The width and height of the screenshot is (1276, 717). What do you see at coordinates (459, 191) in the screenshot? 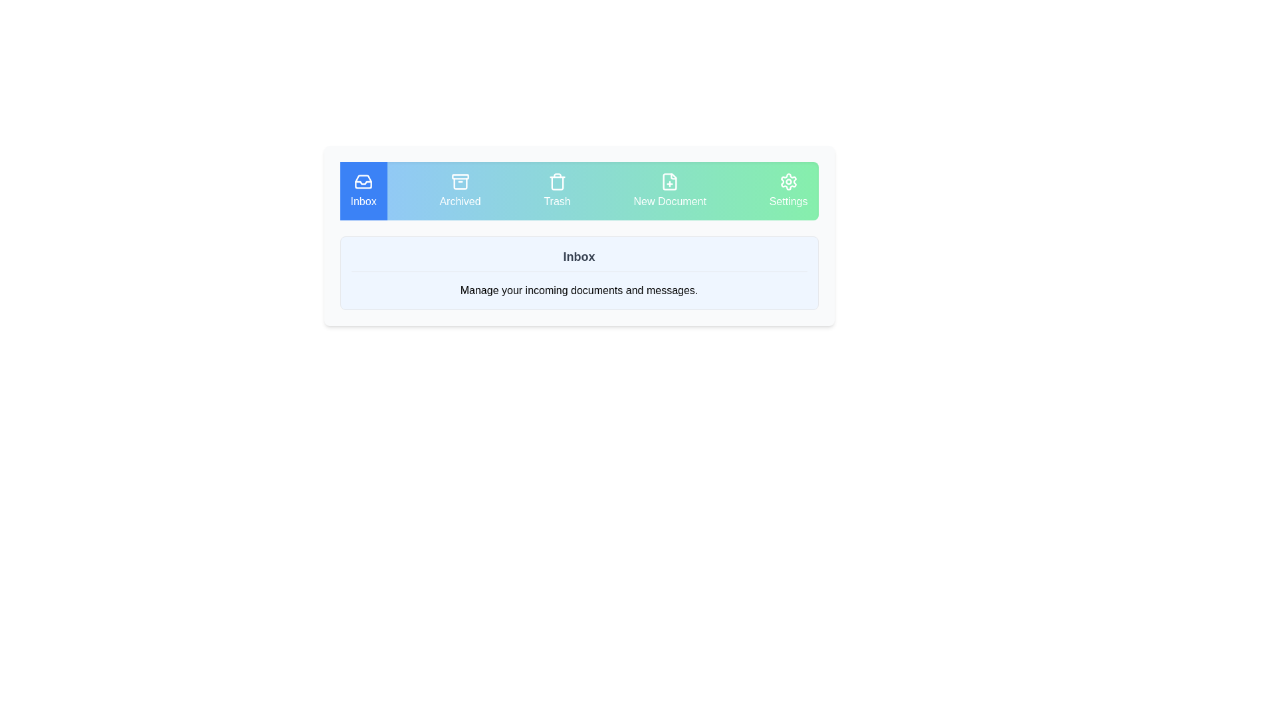
I see `the tab labeled Archived to switch to it` at bounding box center [459, 191].